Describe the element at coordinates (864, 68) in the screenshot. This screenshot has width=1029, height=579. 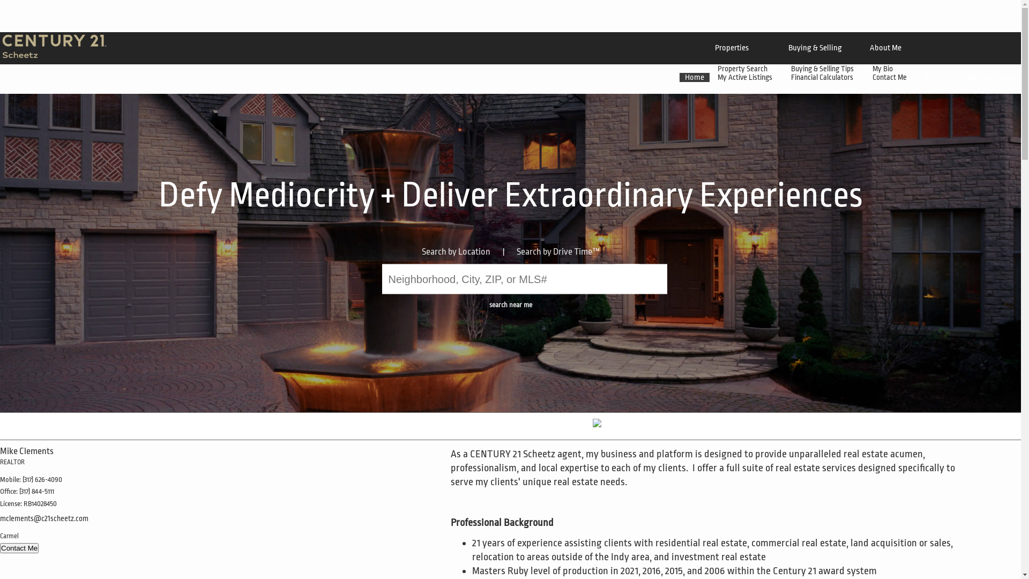
I see `'My Bio'` at that location.